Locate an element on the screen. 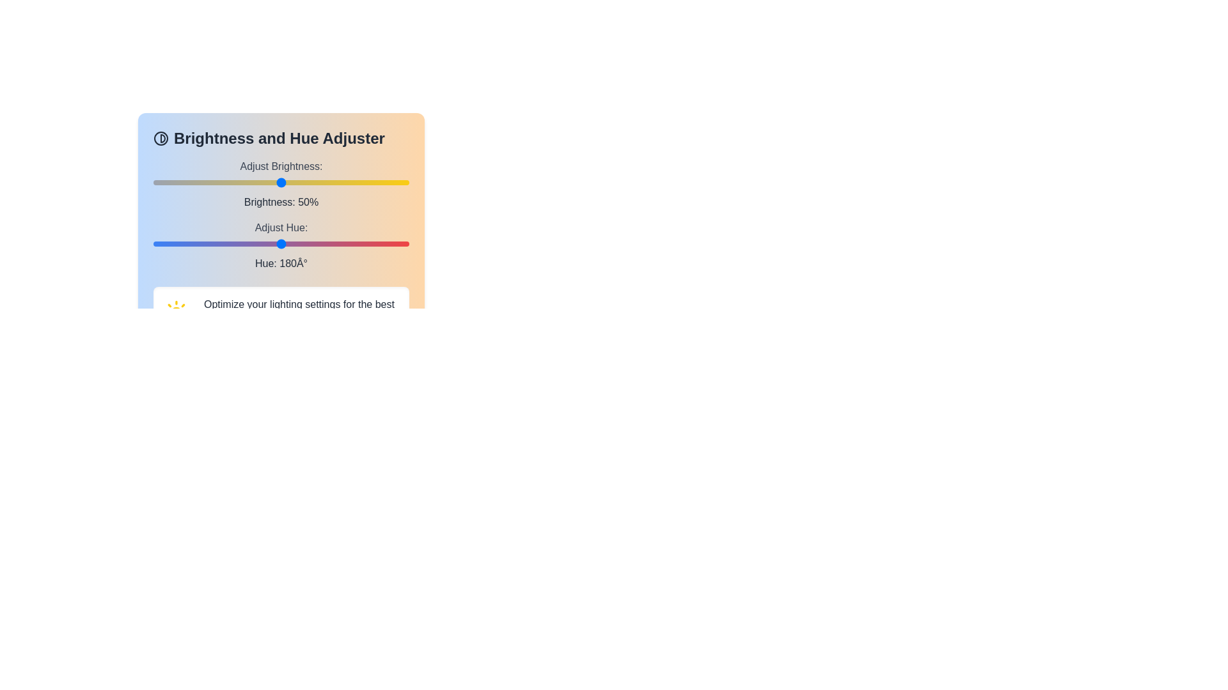  the hue to 158 degrees by moving the slider is located at coordinates (265, 243).